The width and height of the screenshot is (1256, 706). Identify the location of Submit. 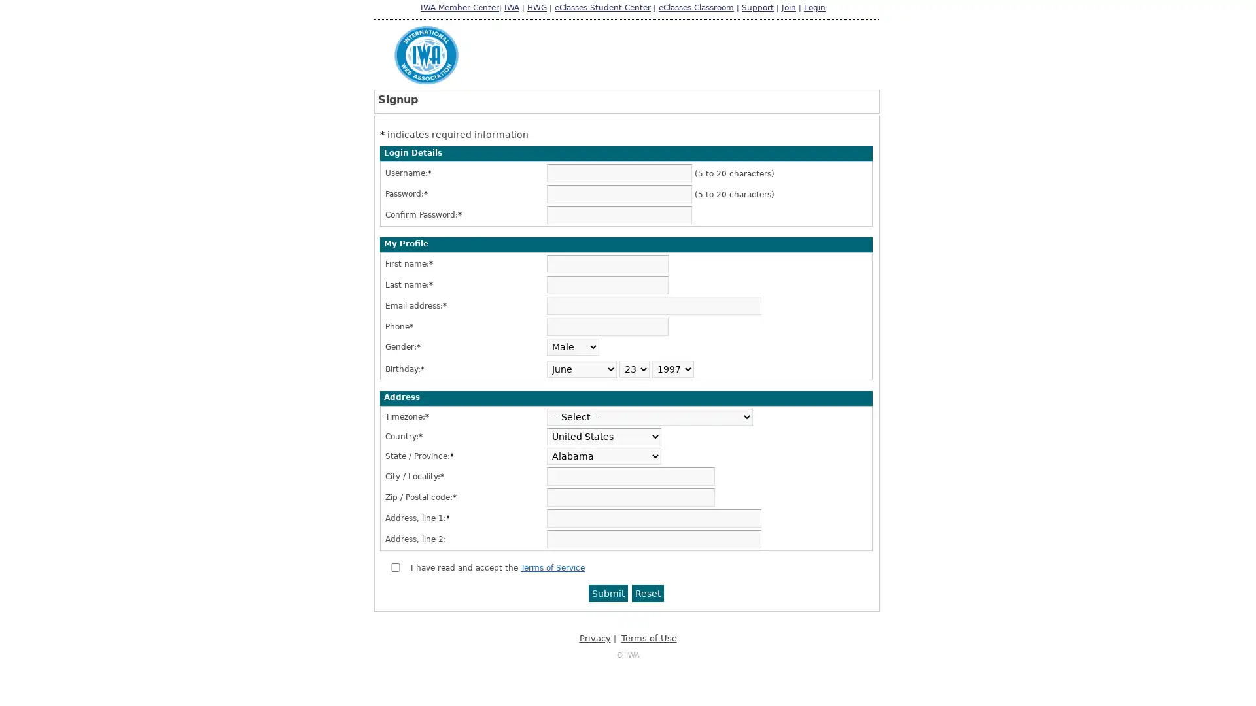
(608, 593).